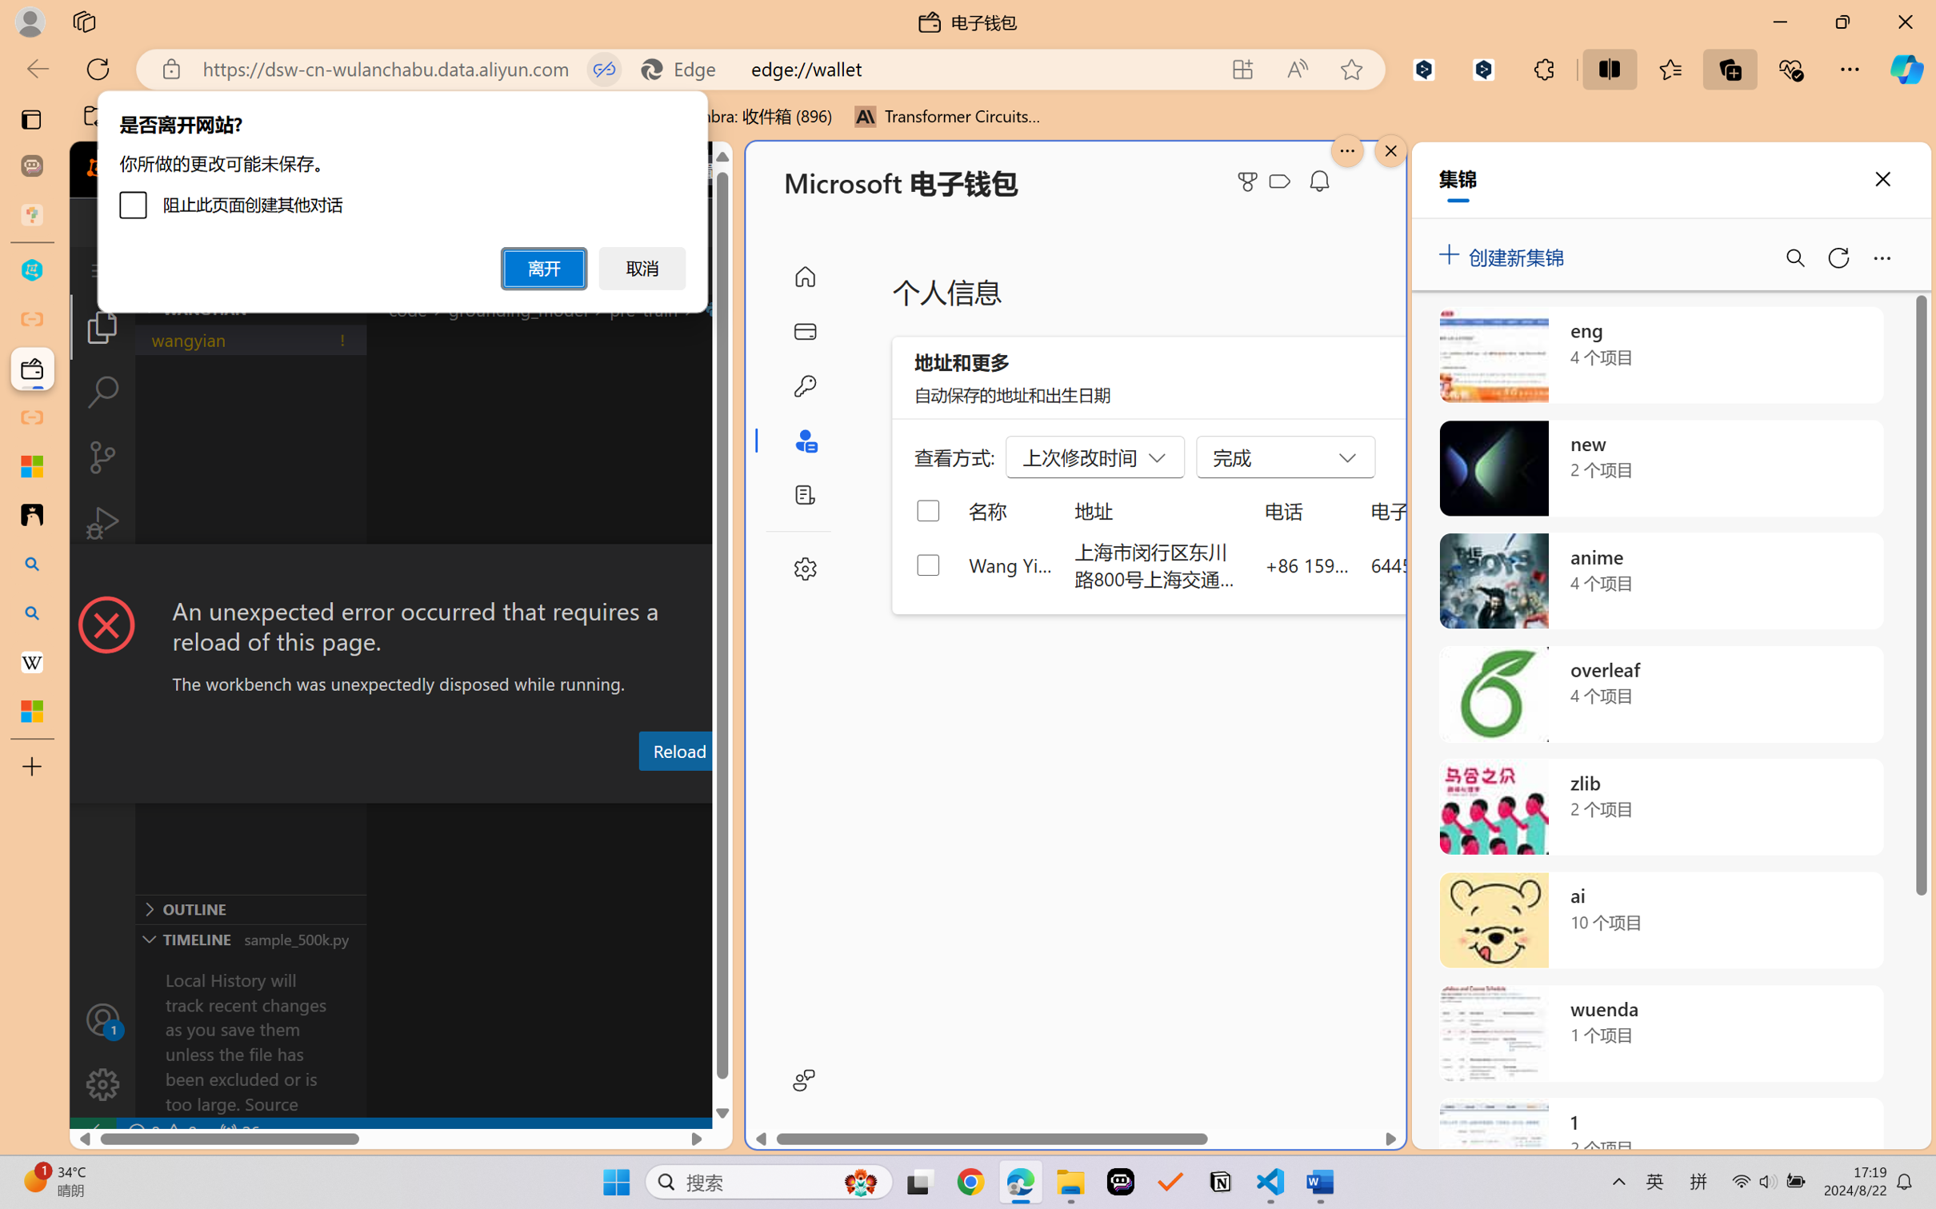 This screenshot has height=1209, width=1936. What do you see at coordinates (678, 749) in the screenshot?
I see `'Reload'` at bounding box center [678, 749].